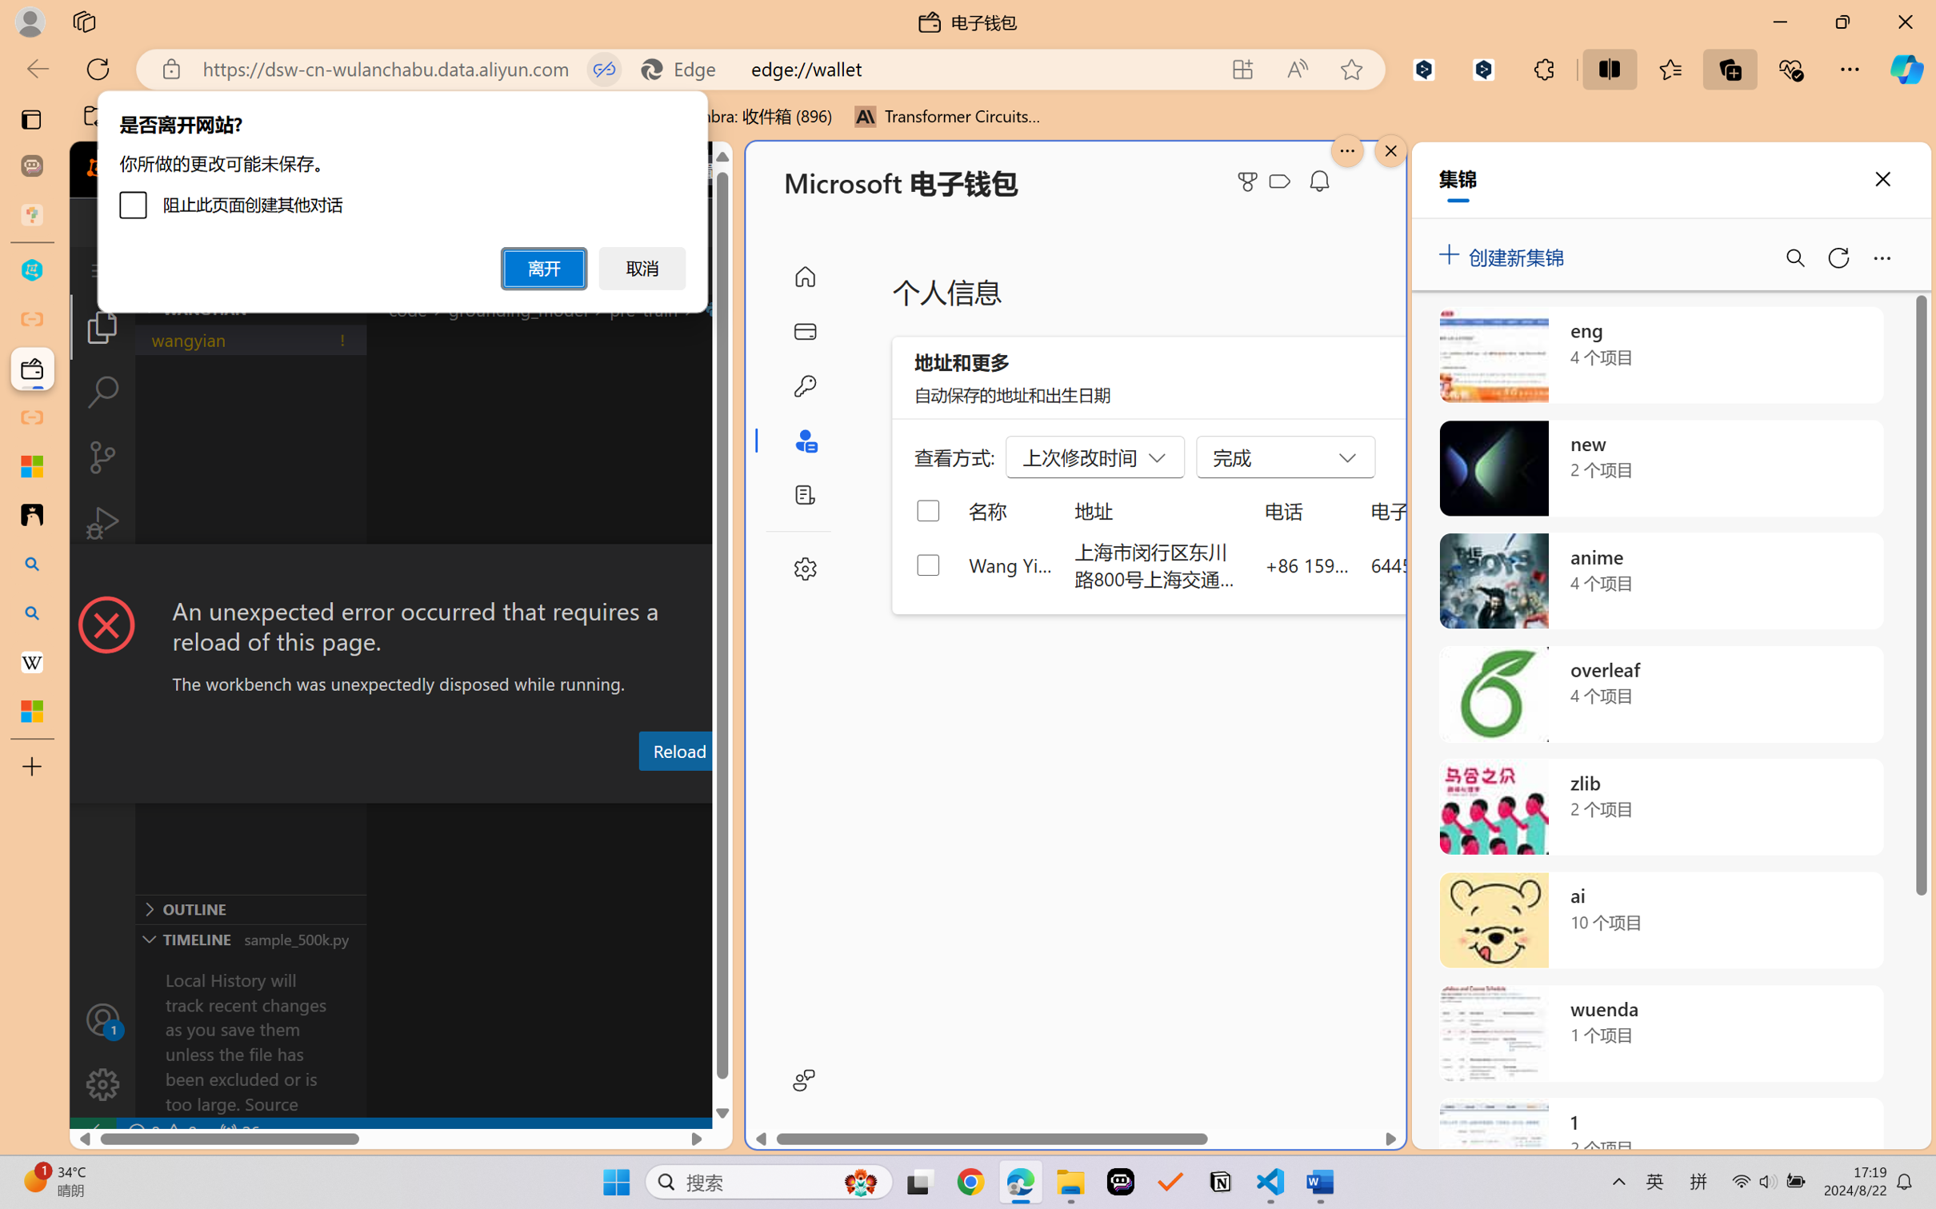 This screenshot has height=1209, width=1936. What do you see at coordinates (678, 749) in the screenshot?
I see `'Reload'` at bounding box center [678, 749].